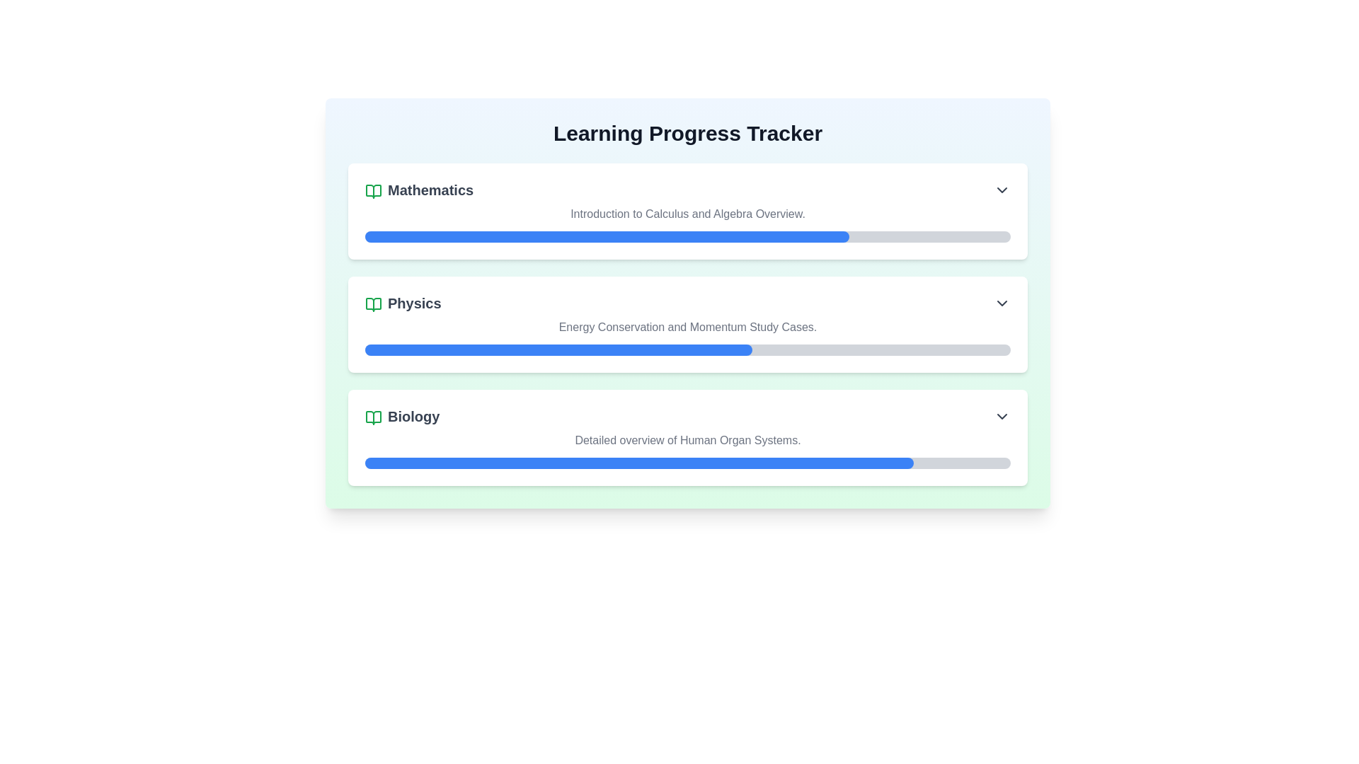 This screenshot has width=1359, height=764. I want to click on the Physics section icon that visually represents a book or learning material, positioned to the left of the text 'Physics', so click(374, 303).